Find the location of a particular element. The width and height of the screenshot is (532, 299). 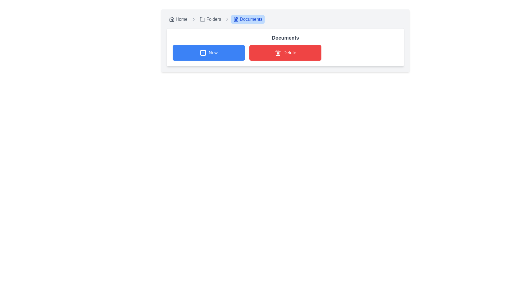

the rectangular blue icon depicting a document-like outline with lines resembling text, located in the header next to the 'Documents' navigation item is located at coordinates (236, 19).